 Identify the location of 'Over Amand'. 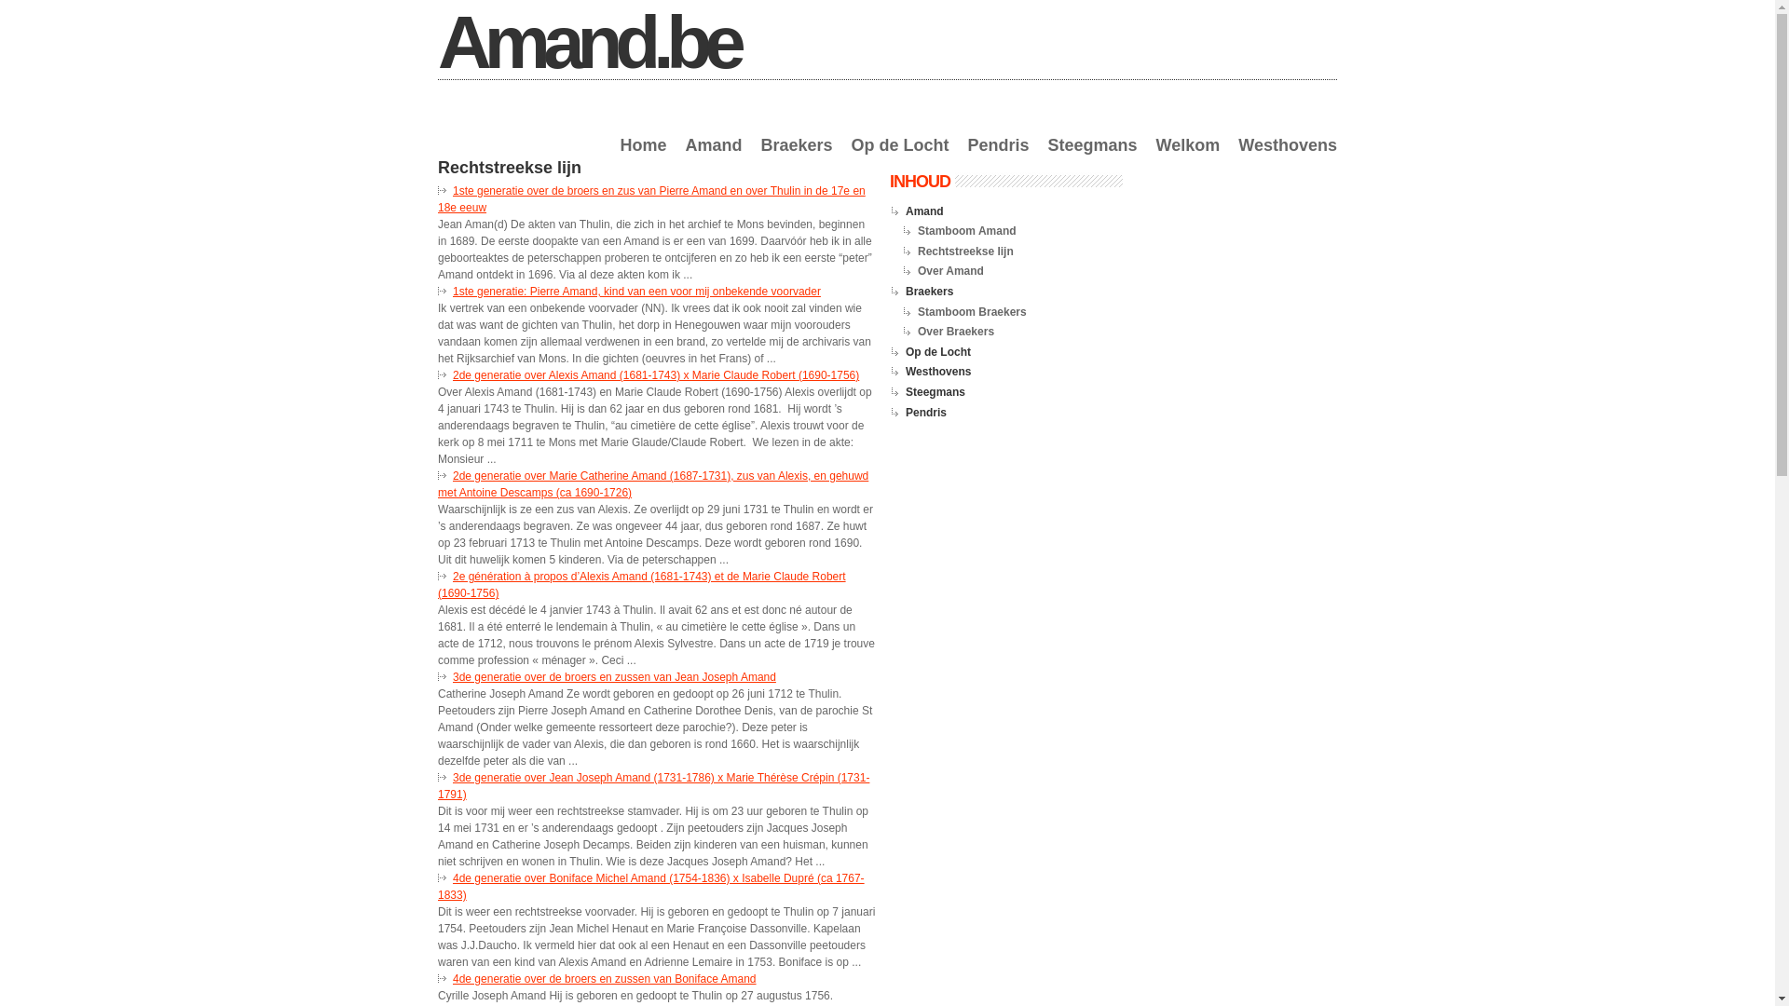
(917, 270).